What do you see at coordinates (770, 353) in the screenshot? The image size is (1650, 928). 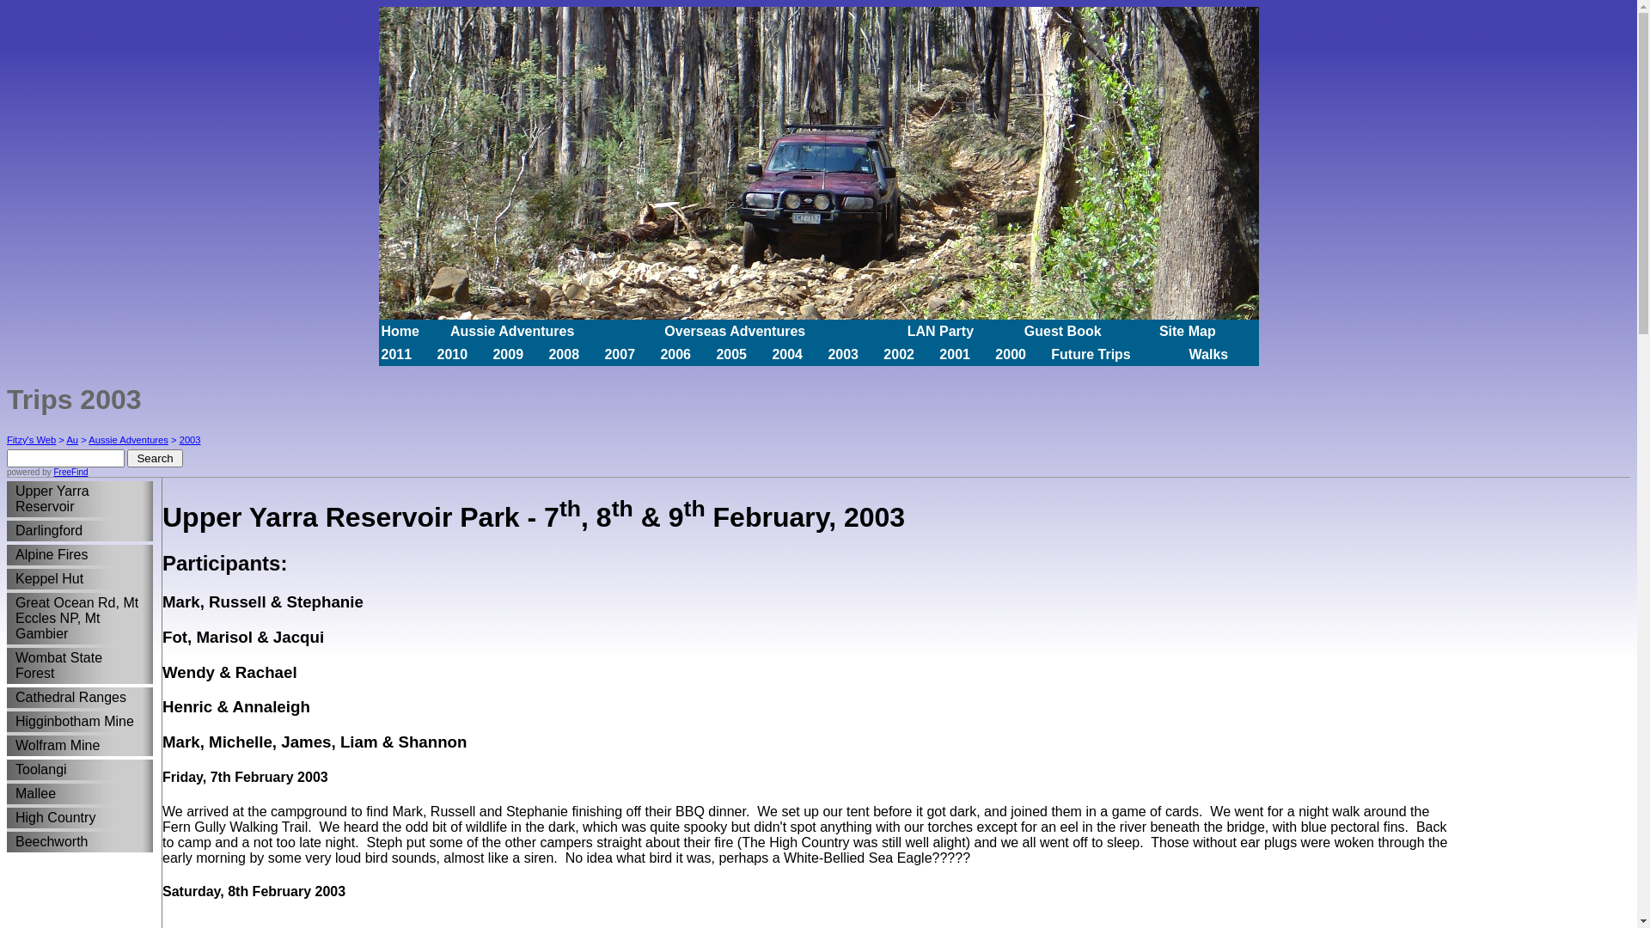 I see `'2004'` at bounding box center [770, 353].